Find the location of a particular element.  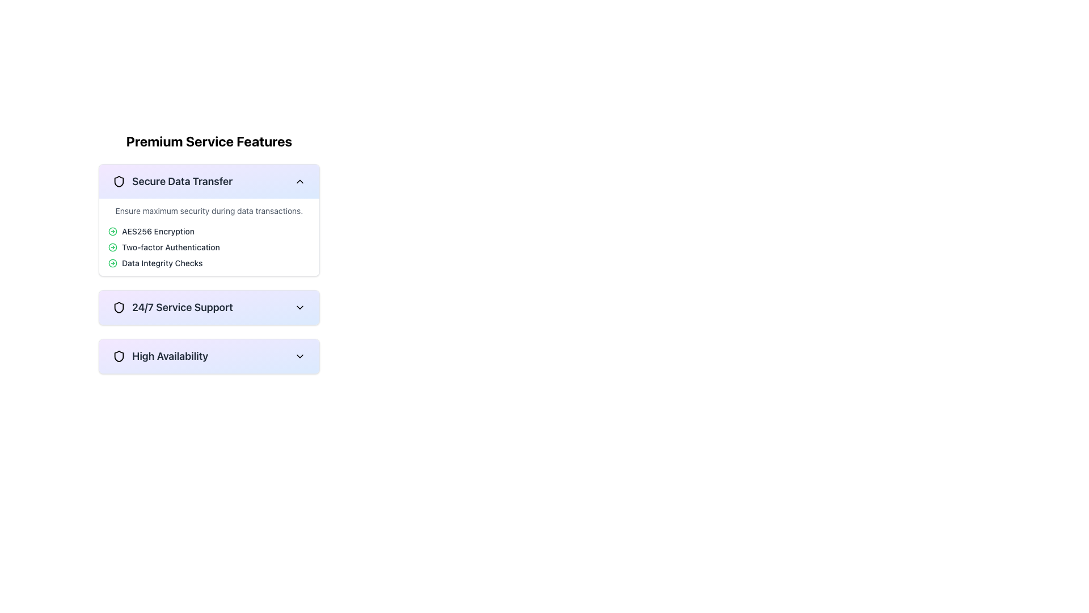

the 'Secure Data Transfer' text label, which features a bold font style and is aligned with a shield icon on the left is located at coordinates (182, 181).